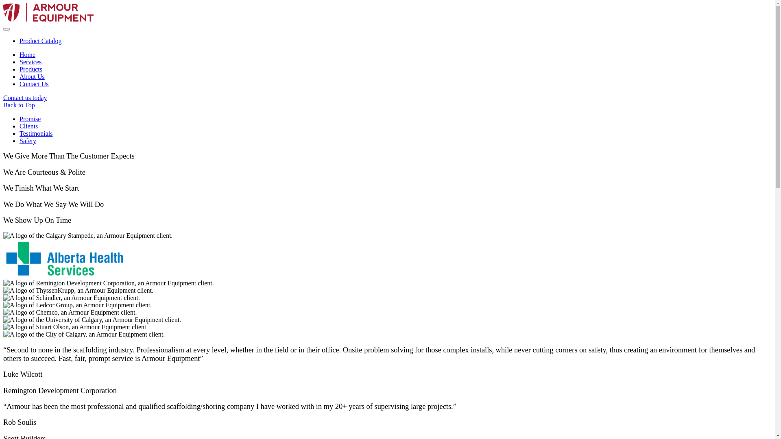 This screenshot has width=781, height=439. What do you see at coordinates (28, 140) in the screenshot?
I see `'Safety'` at bounding box center [28, 140].